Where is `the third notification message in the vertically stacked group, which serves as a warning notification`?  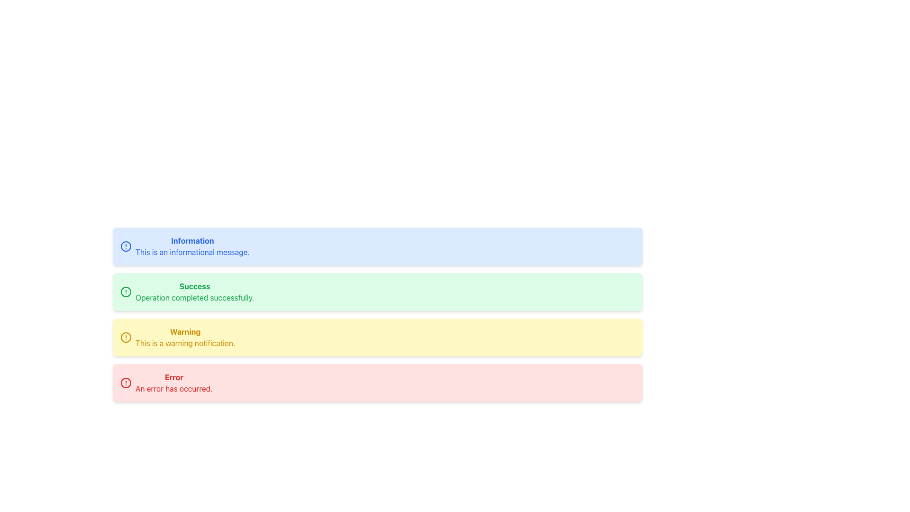 the third notification message in the vertically stacked group, which serves as a warning notification is located at coordinates (377, 337).